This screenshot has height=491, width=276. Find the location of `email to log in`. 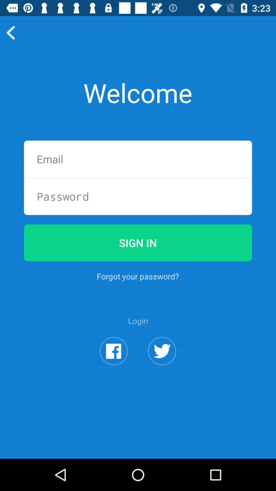

email to log in is located at coordinates (138, 159).